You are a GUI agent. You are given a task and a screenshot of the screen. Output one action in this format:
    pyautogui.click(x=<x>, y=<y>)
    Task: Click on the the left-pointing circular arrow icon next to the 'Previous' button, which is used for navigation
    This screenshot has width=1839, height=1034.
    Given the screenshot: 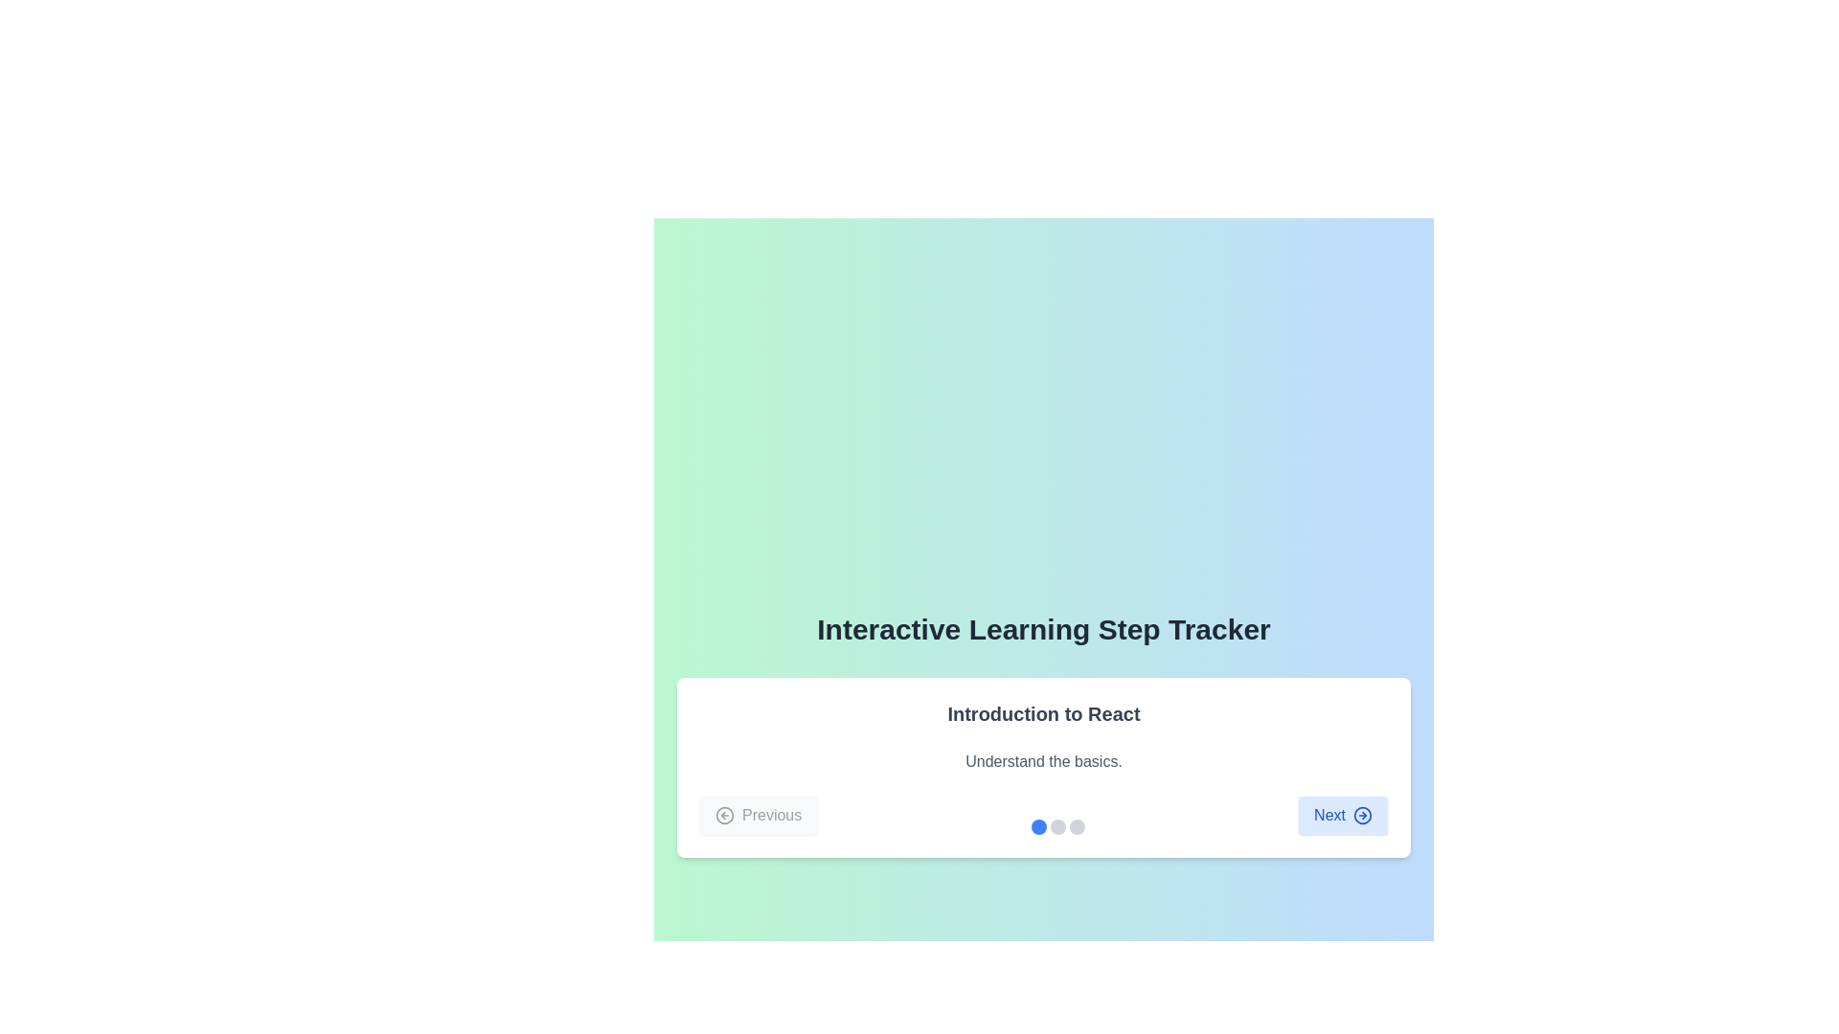 What is the action you would take?
    pyautogui.click(x=724, y=816)
    